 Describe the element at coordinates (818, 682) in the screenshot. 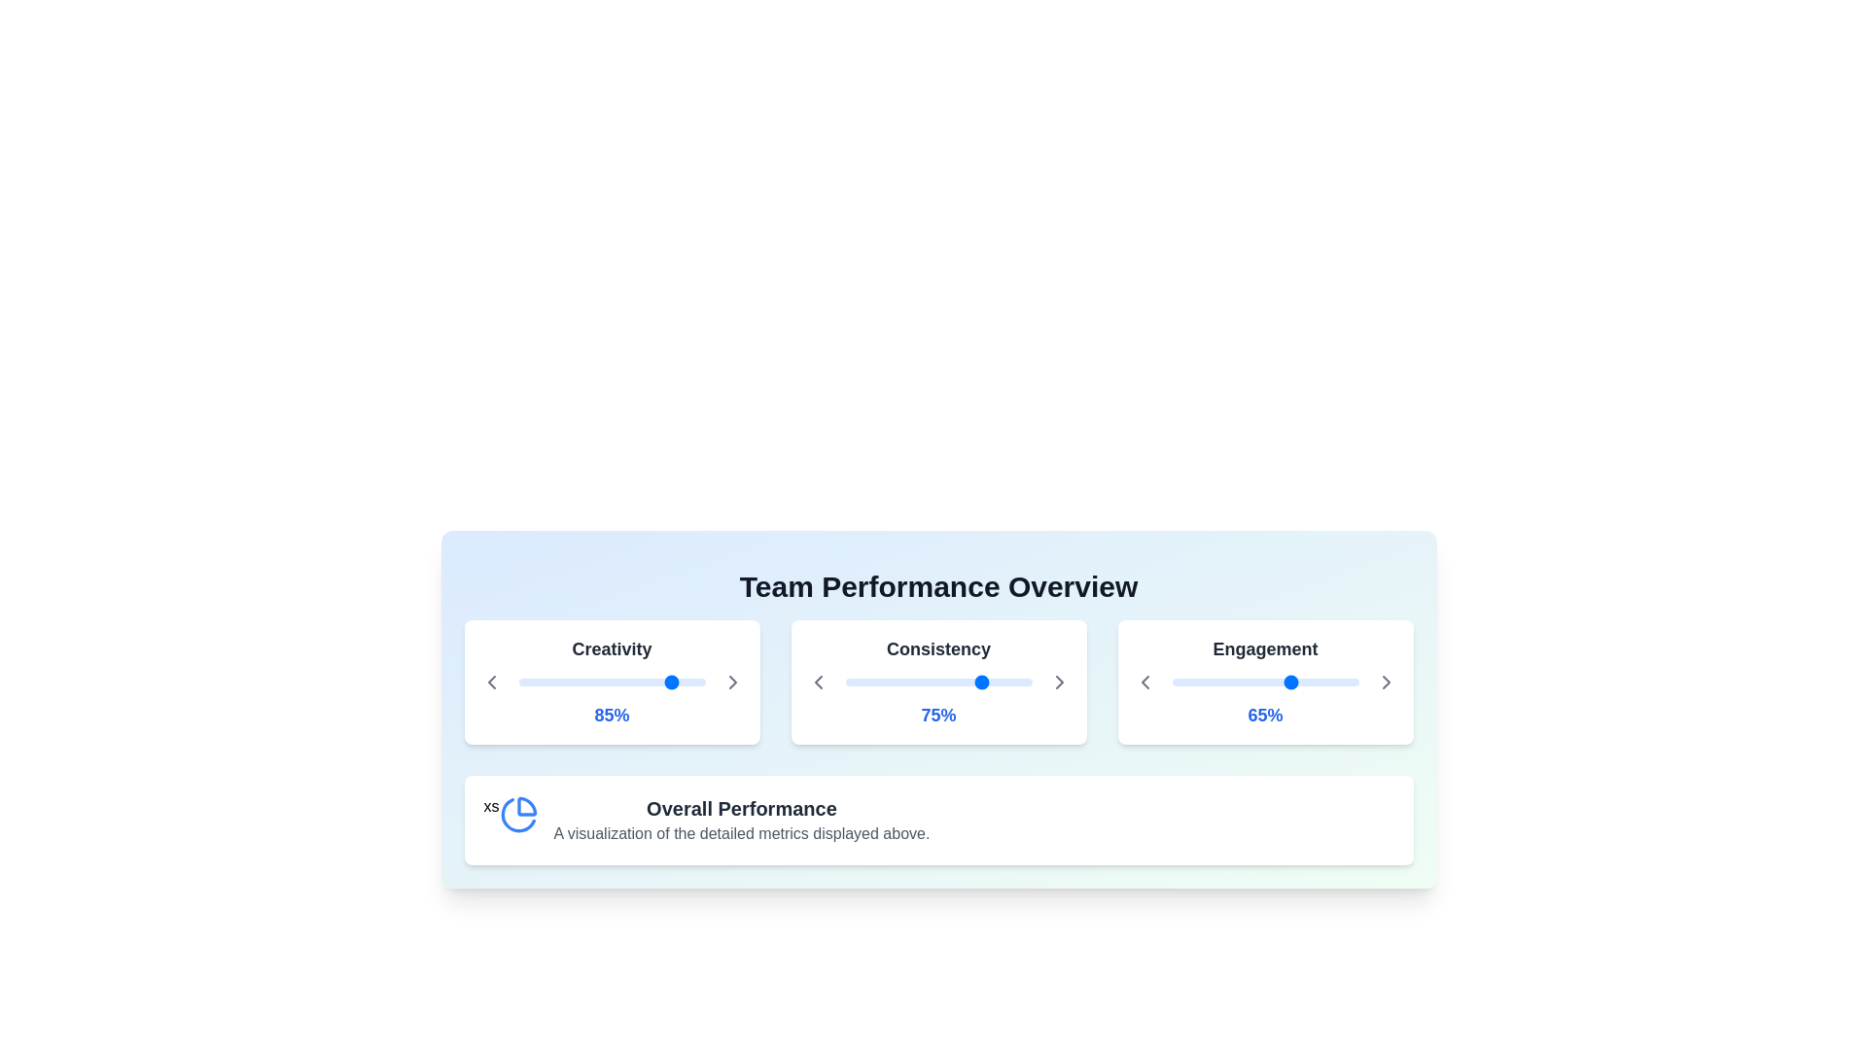

I see `the left-chevron navigation icon located in the second scorecard titled 'Consistency' under 'Team Performance Overview'` at that location.